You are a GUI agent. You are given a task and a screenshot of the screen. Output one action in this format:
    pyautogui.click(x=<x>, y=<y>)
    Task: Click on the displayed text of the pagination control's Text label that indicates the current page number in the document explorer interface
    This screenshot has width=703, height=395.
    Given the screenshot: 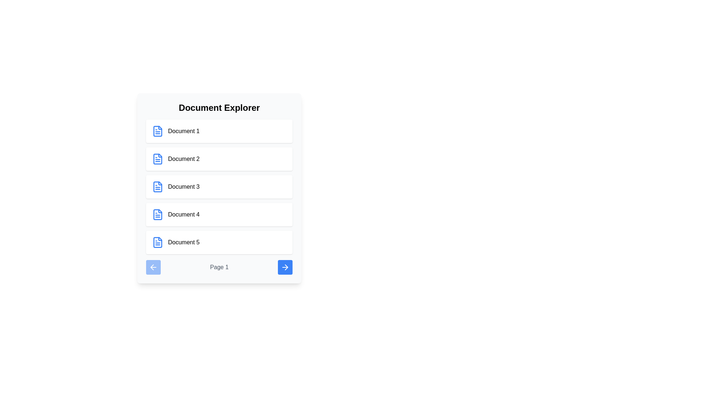 What is the action you would take?
    pyautogui.click(x=219, y=267)
    